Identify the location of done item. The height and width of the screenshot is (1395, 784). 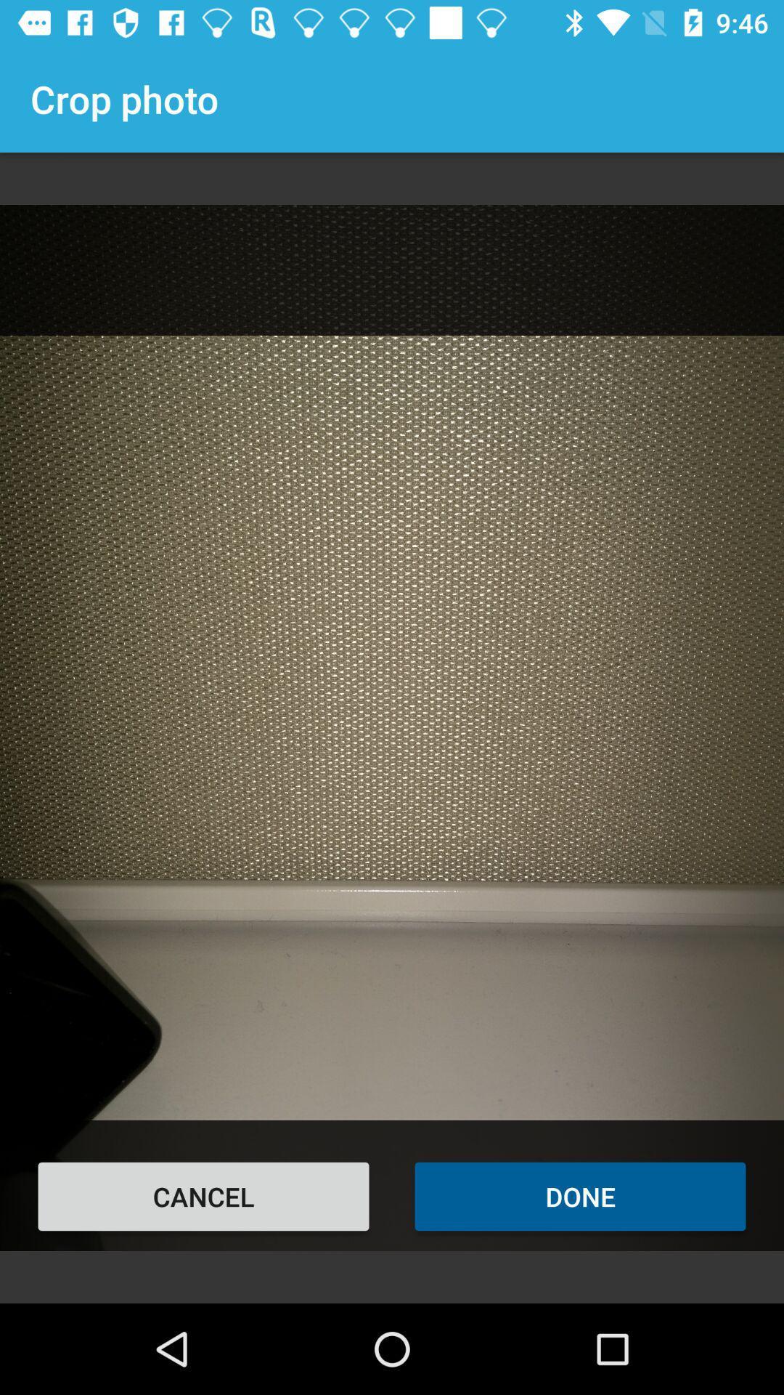
(579, 1196).